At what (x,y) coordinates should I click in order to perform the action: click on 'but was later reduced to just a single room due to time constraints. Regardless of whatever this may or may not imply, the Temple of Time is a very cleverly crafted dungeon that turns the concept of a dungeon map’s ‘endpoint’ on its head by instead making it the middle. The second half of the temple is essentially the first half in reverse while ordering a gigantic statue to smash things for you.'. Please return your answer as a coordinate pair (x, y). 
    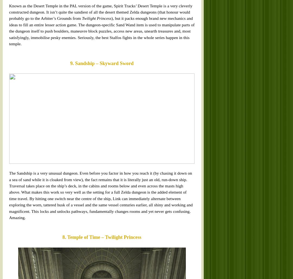
    Looking at the image, I should click on (7, 92).